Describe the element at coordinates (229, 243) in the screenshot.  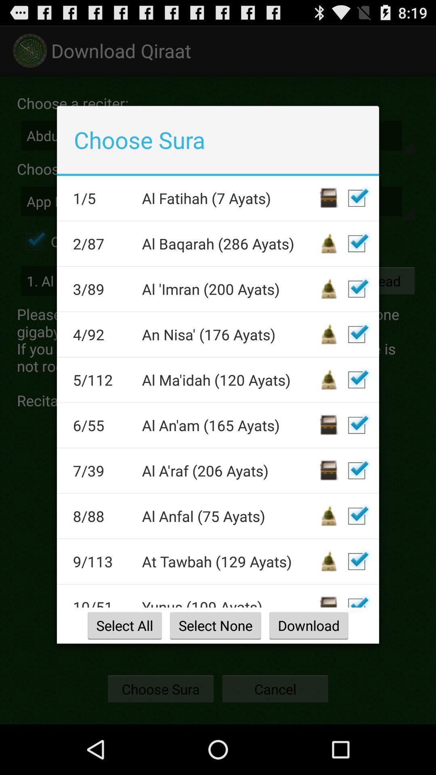
I see `al baqarah 286` at that location.